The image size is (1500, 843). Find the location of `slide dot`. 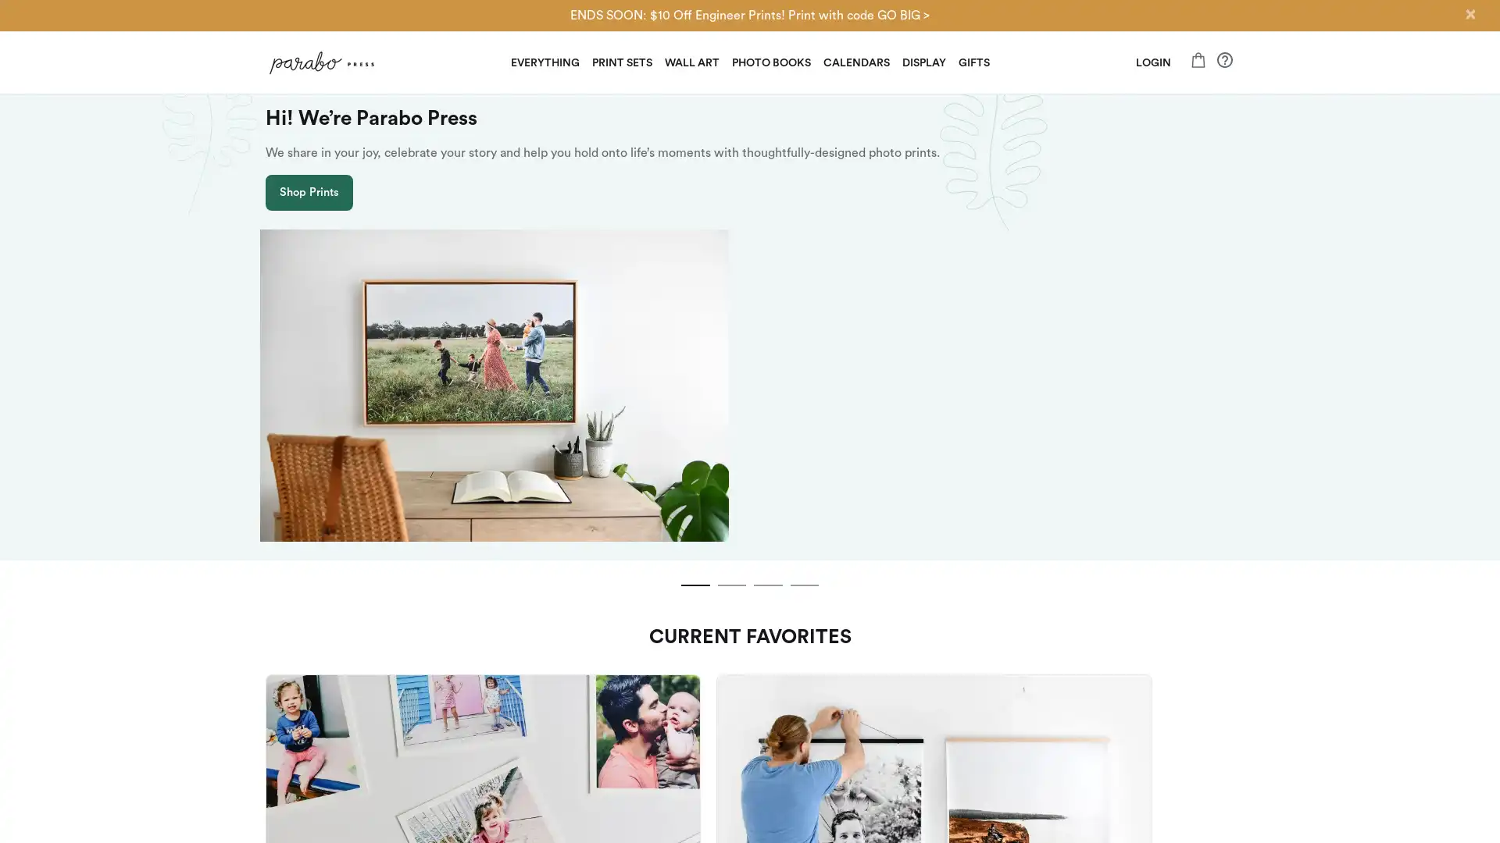

slide dot is located at coordinates (726, 431).